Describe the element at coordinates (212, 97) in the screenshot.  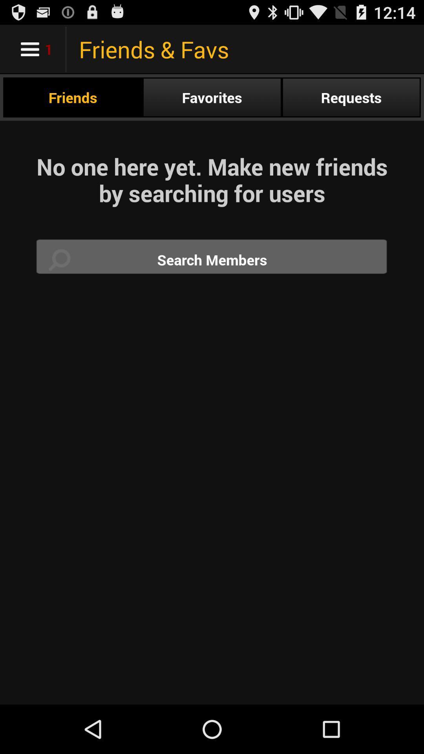
I see `the item to the right of the friends item` at that location.